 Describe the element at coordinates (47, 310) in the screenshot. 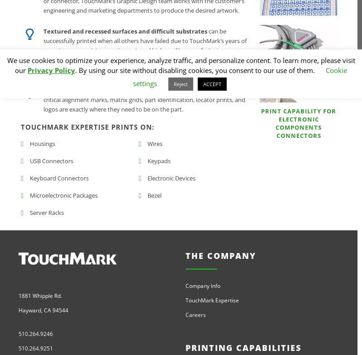

I see `'CA'` at that location.